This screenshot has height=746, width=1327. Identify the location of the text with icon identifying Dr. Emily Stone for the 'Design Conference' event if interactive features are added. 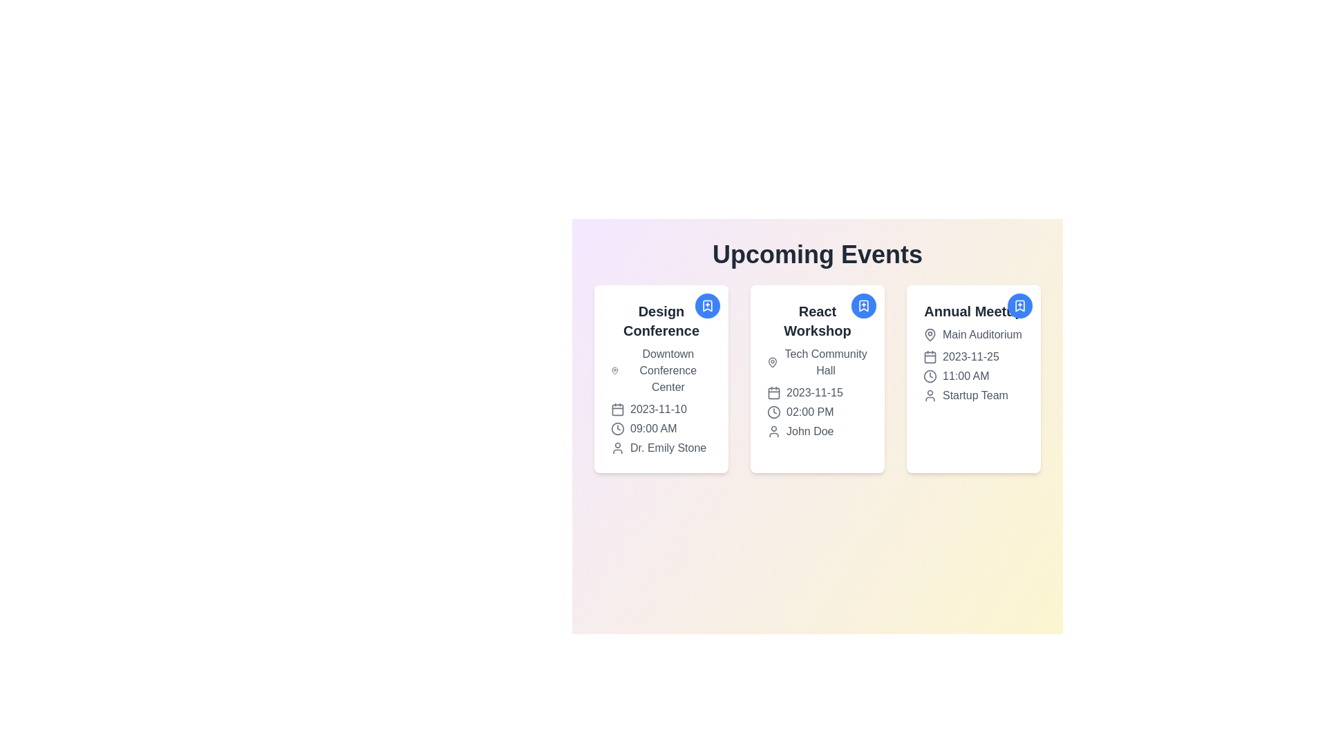
(660, 448).